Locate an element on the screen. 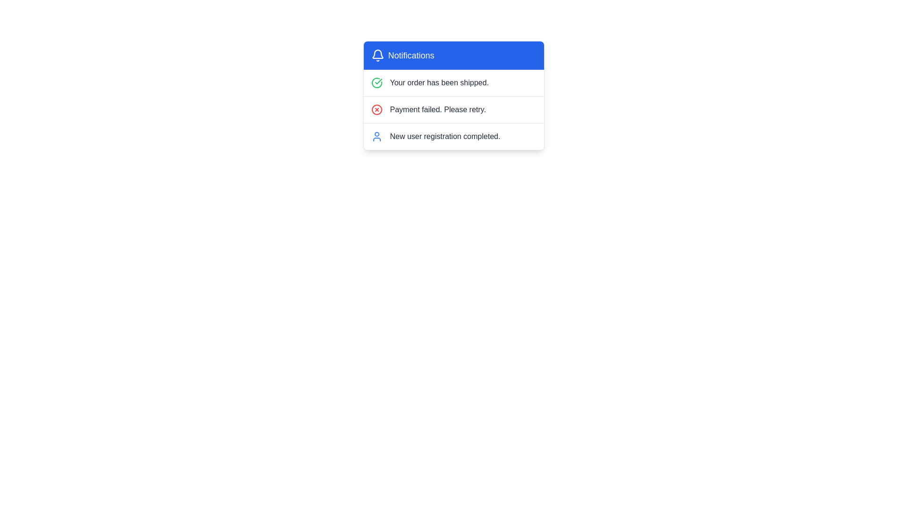 The height and width of the screenshot is (509, 906). the static text label that reads 'Notifications', which is styled with a large bold font on a blue background, located in the notifications panel header is located at coordinates (411, 56).